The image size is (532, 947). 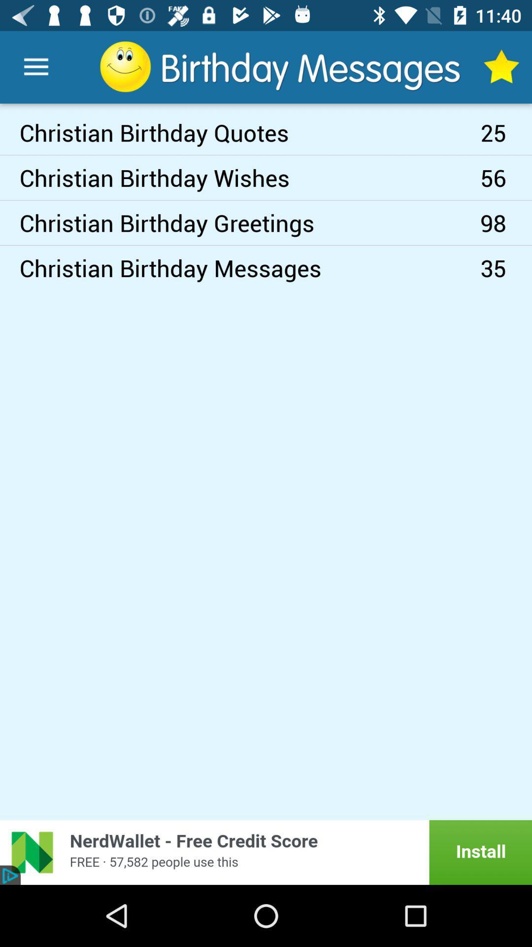 What do you see at coordinates (281, 66) in the screenshot?
I see `birthday messages at the top of the page` at bounding box center [281, 66].